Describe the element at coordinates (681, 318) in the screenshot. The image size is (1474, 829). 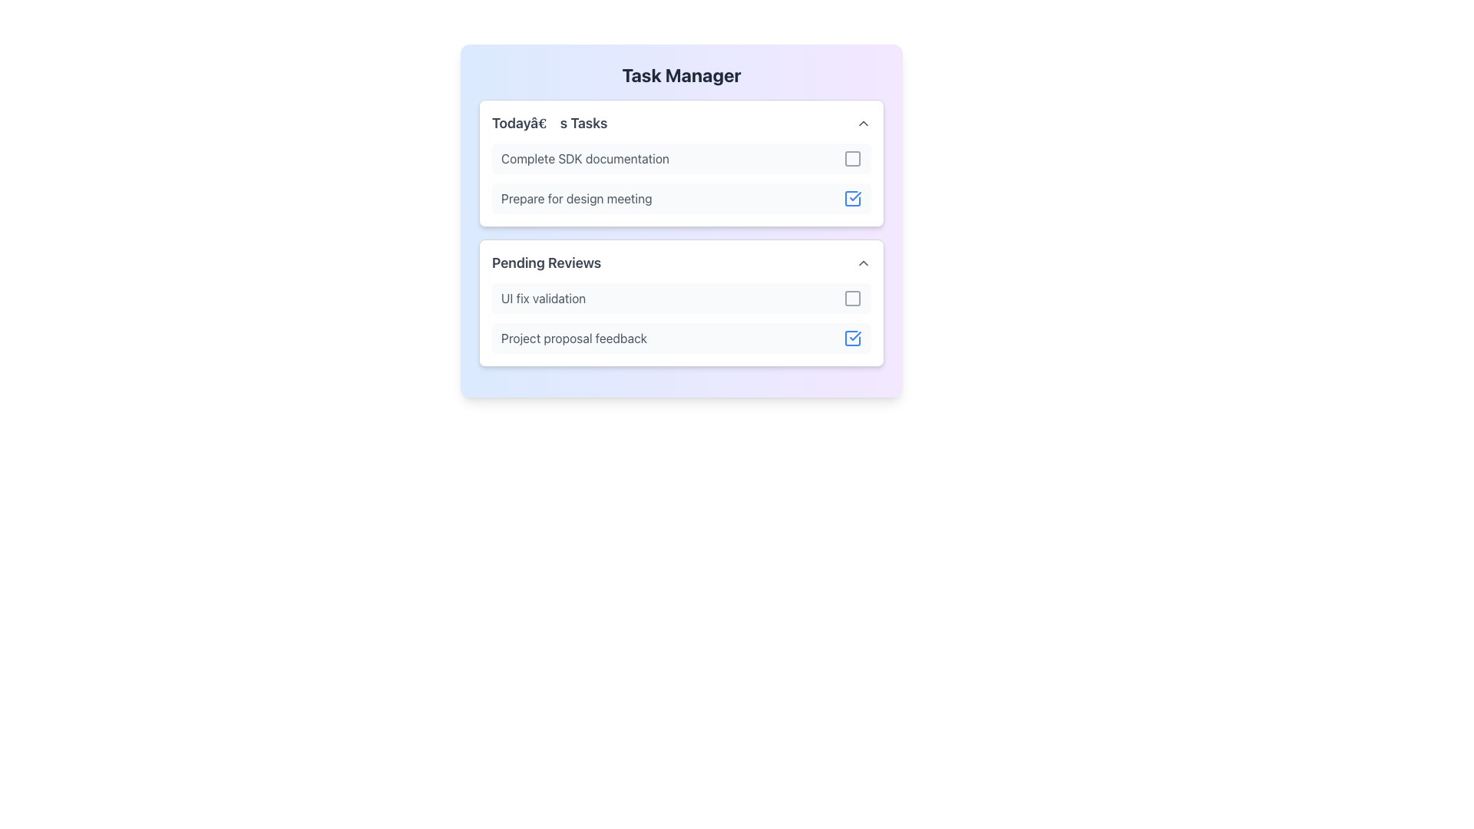
I see `the interactive icons within the 'Pending Reviews' section that manage the tasks 'UI fix validation' and 'Project proposal feedback'` at that location.